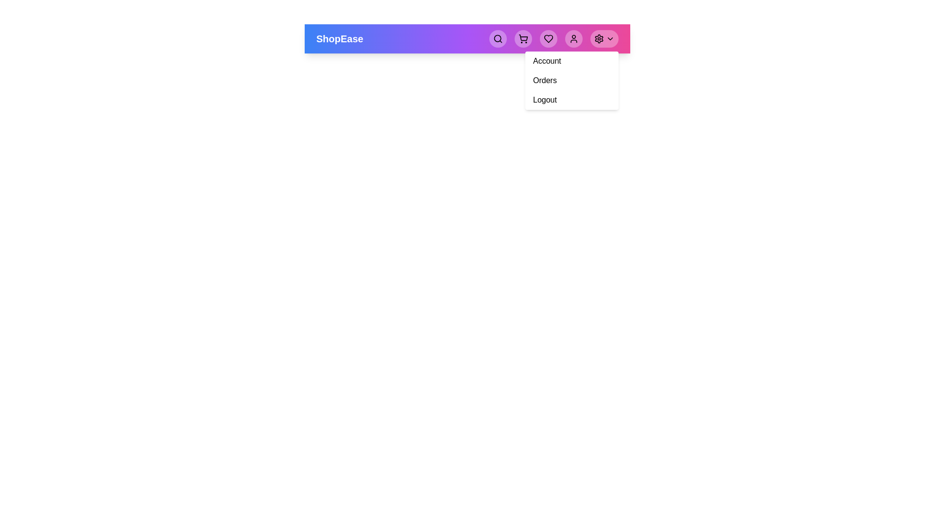 This screenshot has width=933, height=525. Describe the element at coordinates (498, 38) in the screenshot. I see `the search button` at that location.